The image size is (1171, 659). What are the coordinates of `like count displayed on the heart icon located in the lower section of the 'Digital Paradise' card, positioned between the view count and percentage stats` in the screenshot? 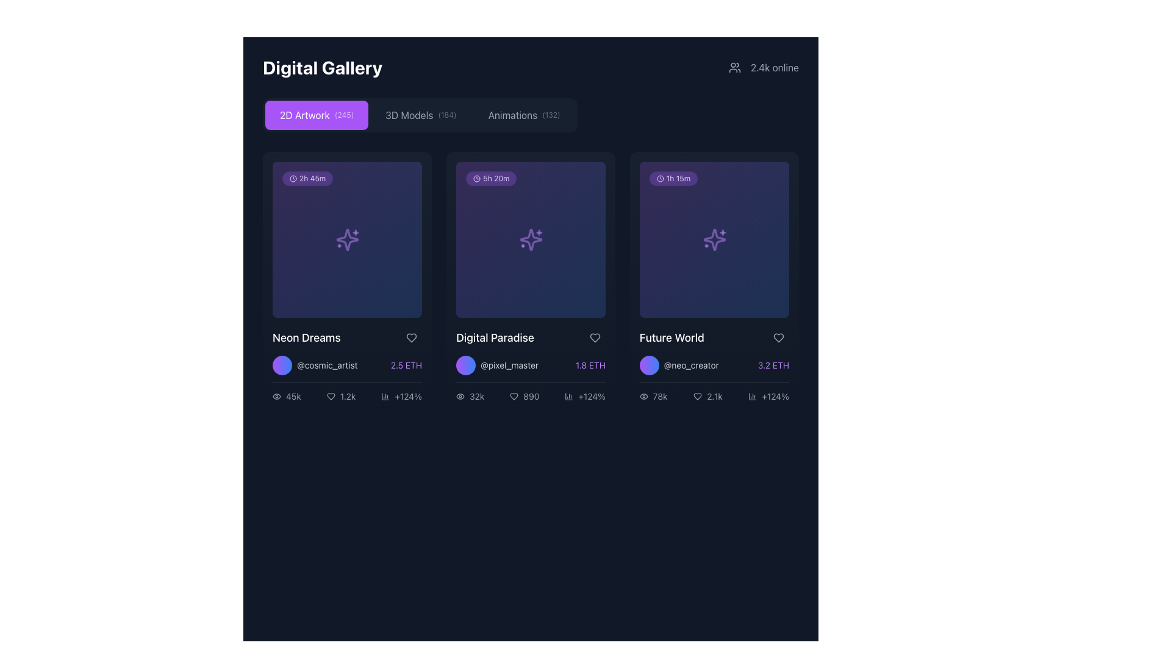 It's located at (525, 397).